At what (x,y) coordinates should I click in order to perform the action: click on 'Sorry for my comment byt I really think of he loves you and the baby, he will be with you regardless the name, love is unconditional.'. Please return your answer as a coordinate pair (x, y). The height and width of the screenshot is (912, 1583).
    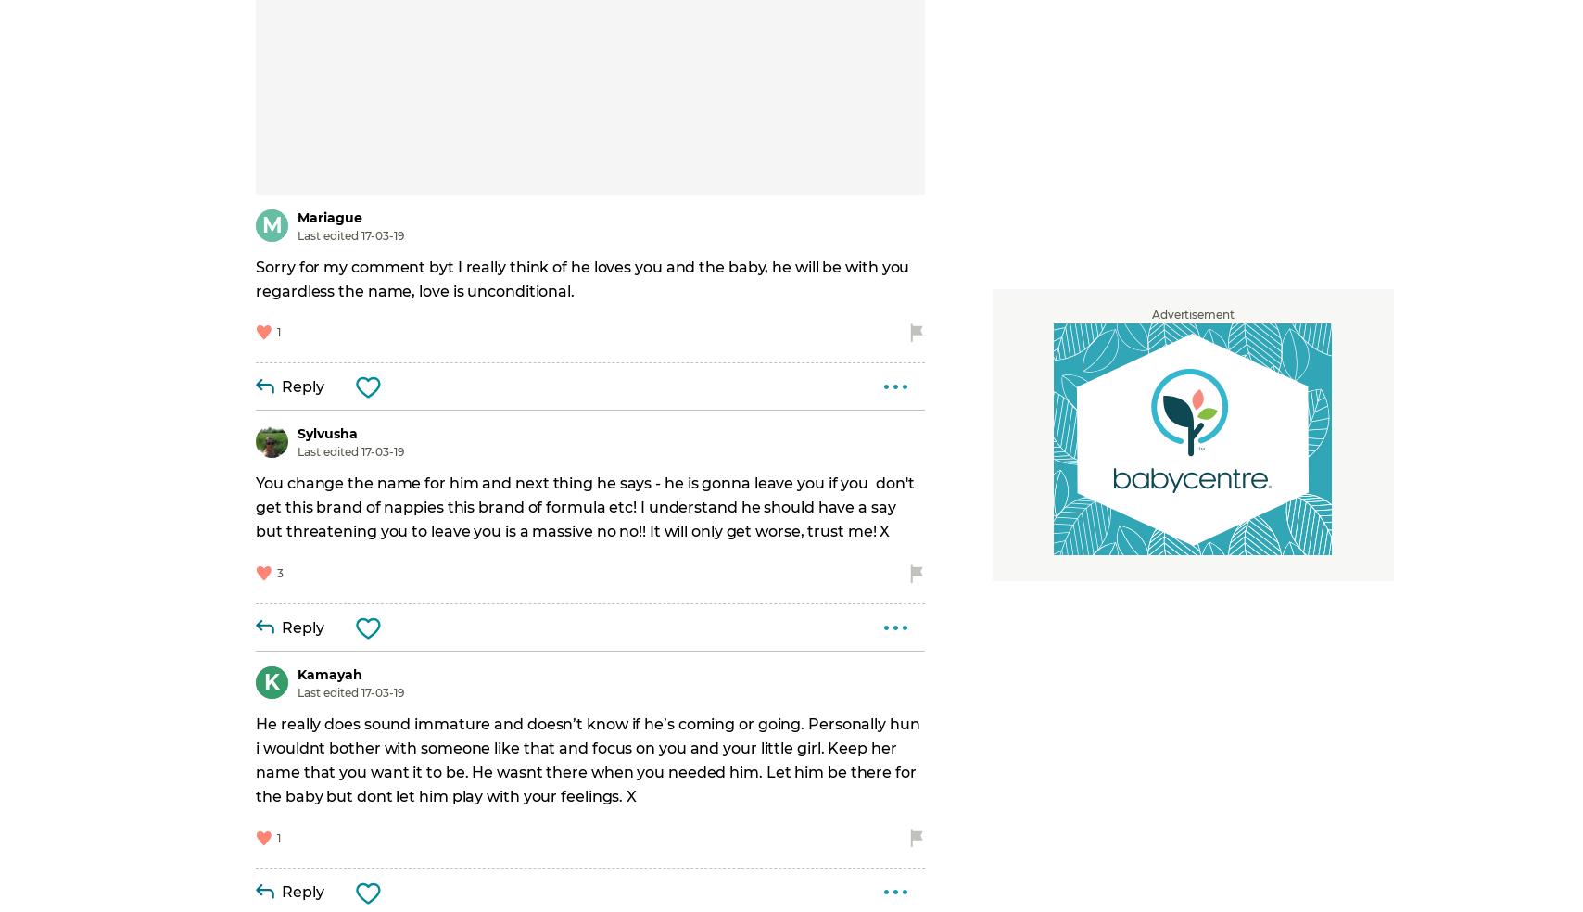
    Looking at the image, I should click on (584, 277).